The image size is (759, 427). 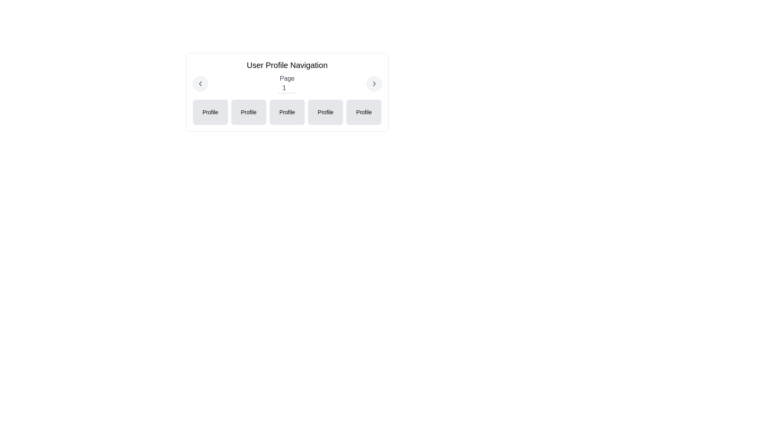 I want to click on the rightmost navigation button in the 'User Profile Navigation' interface, so click(x=374, y=83).